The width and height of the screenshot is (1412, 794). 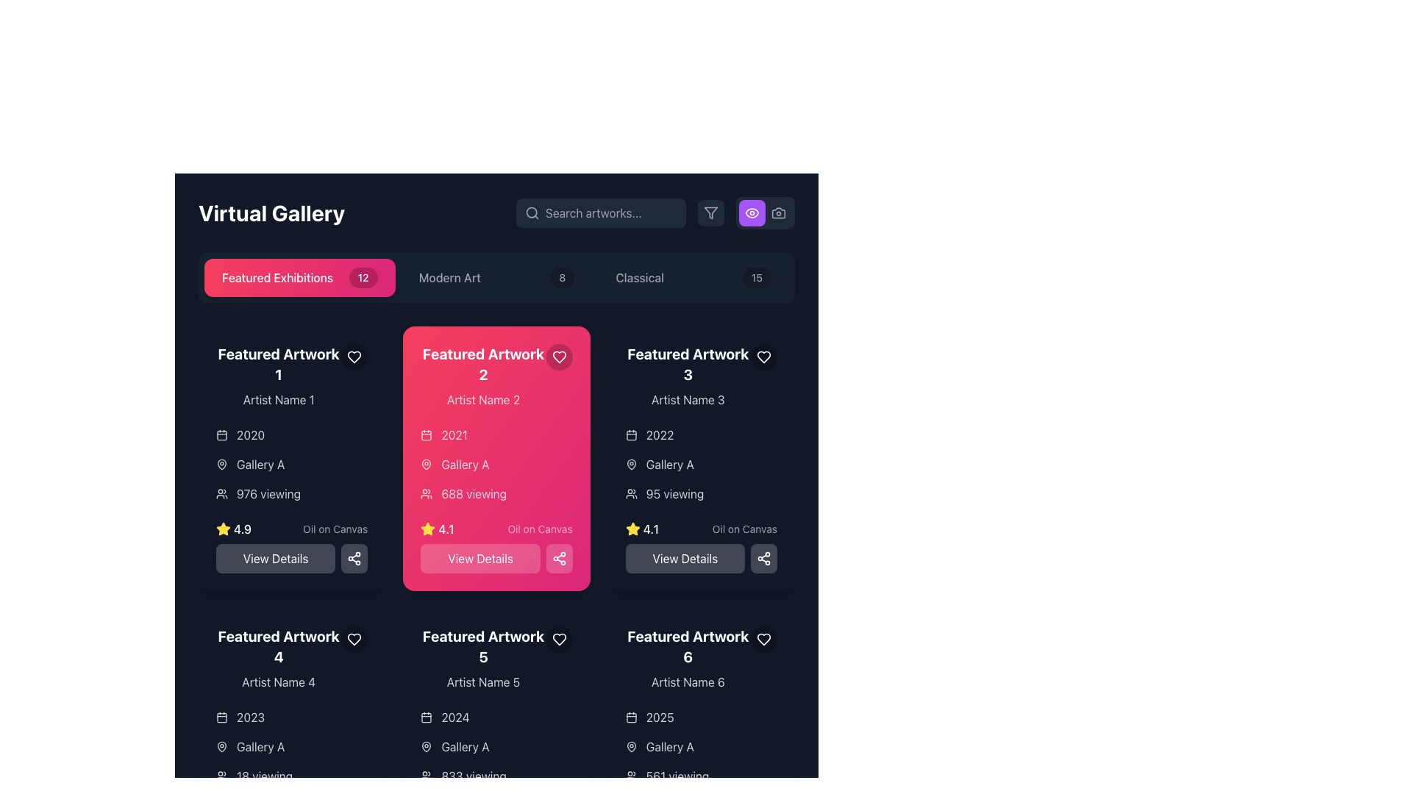 I want to click on the outlined pin icon located in the 'Featured Artwork 2' card, positioned below the '2021' label and above the '688 viewing' text, so click(x=426, y=465).